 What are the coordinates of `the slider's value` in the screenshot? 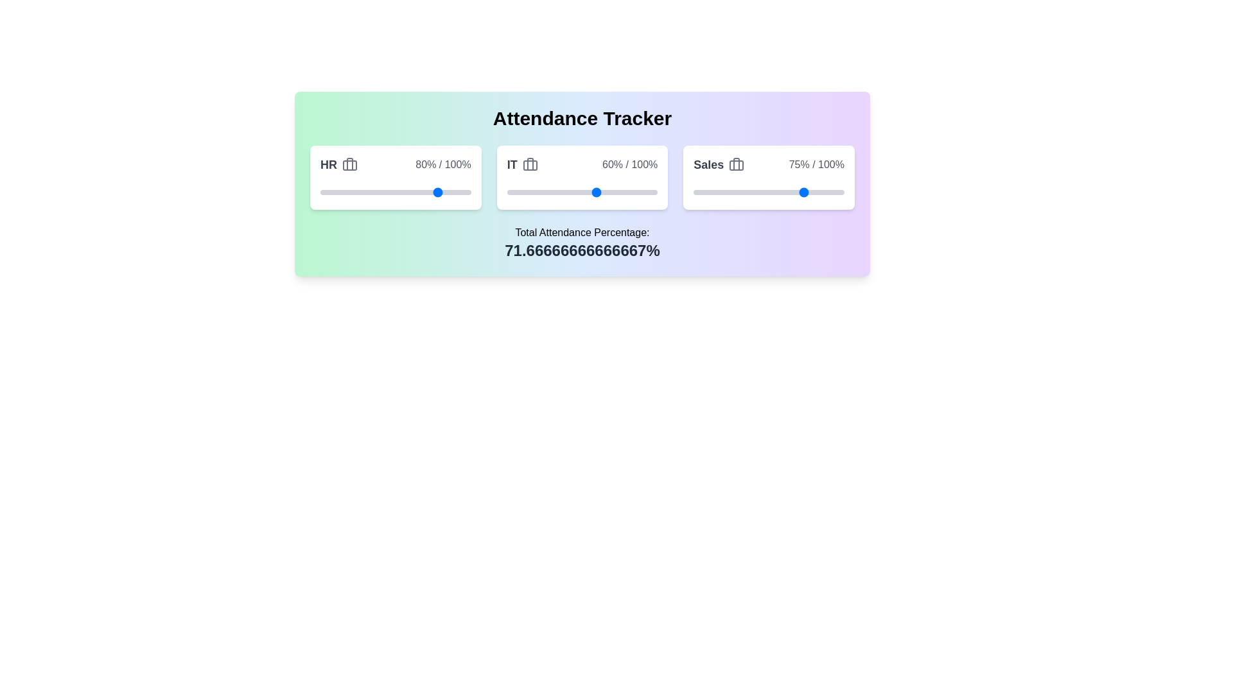 It's located at (789, 193).